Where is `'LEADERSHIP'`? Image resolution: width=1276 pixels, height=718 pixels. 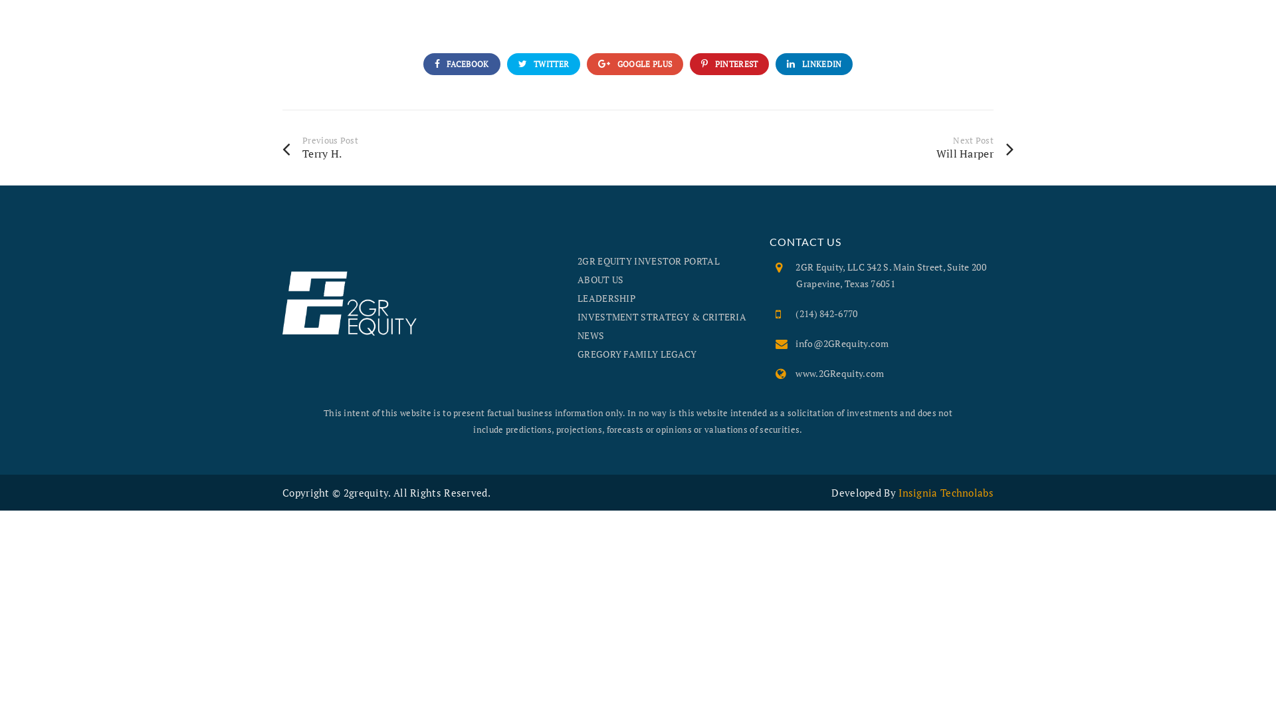 'LEADERSHIP' is located at coordinates (605, 297).